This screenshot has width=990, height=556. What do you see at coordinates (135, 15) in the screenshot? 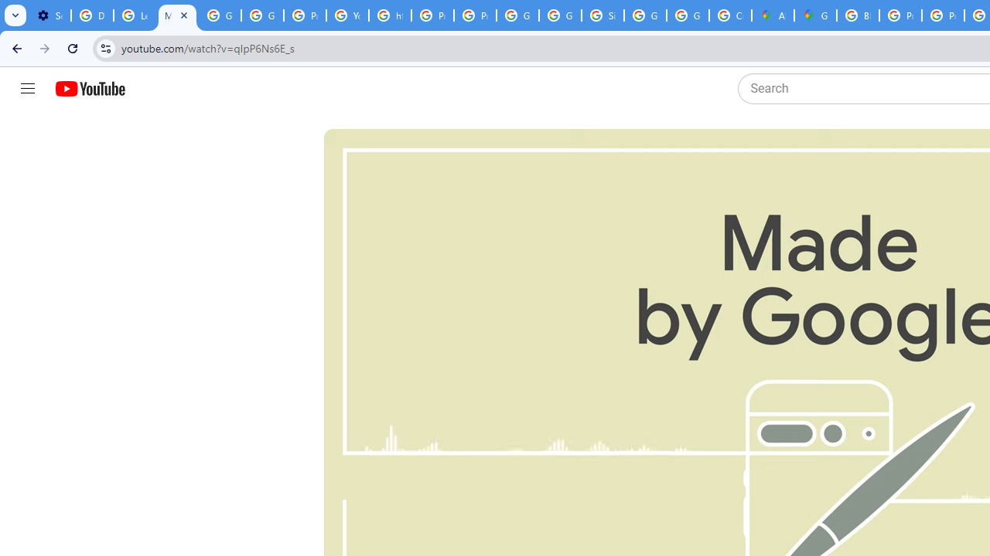
I see `'Learn how to find your photos - Google Photos Help'` at bounding box center [135, 15].